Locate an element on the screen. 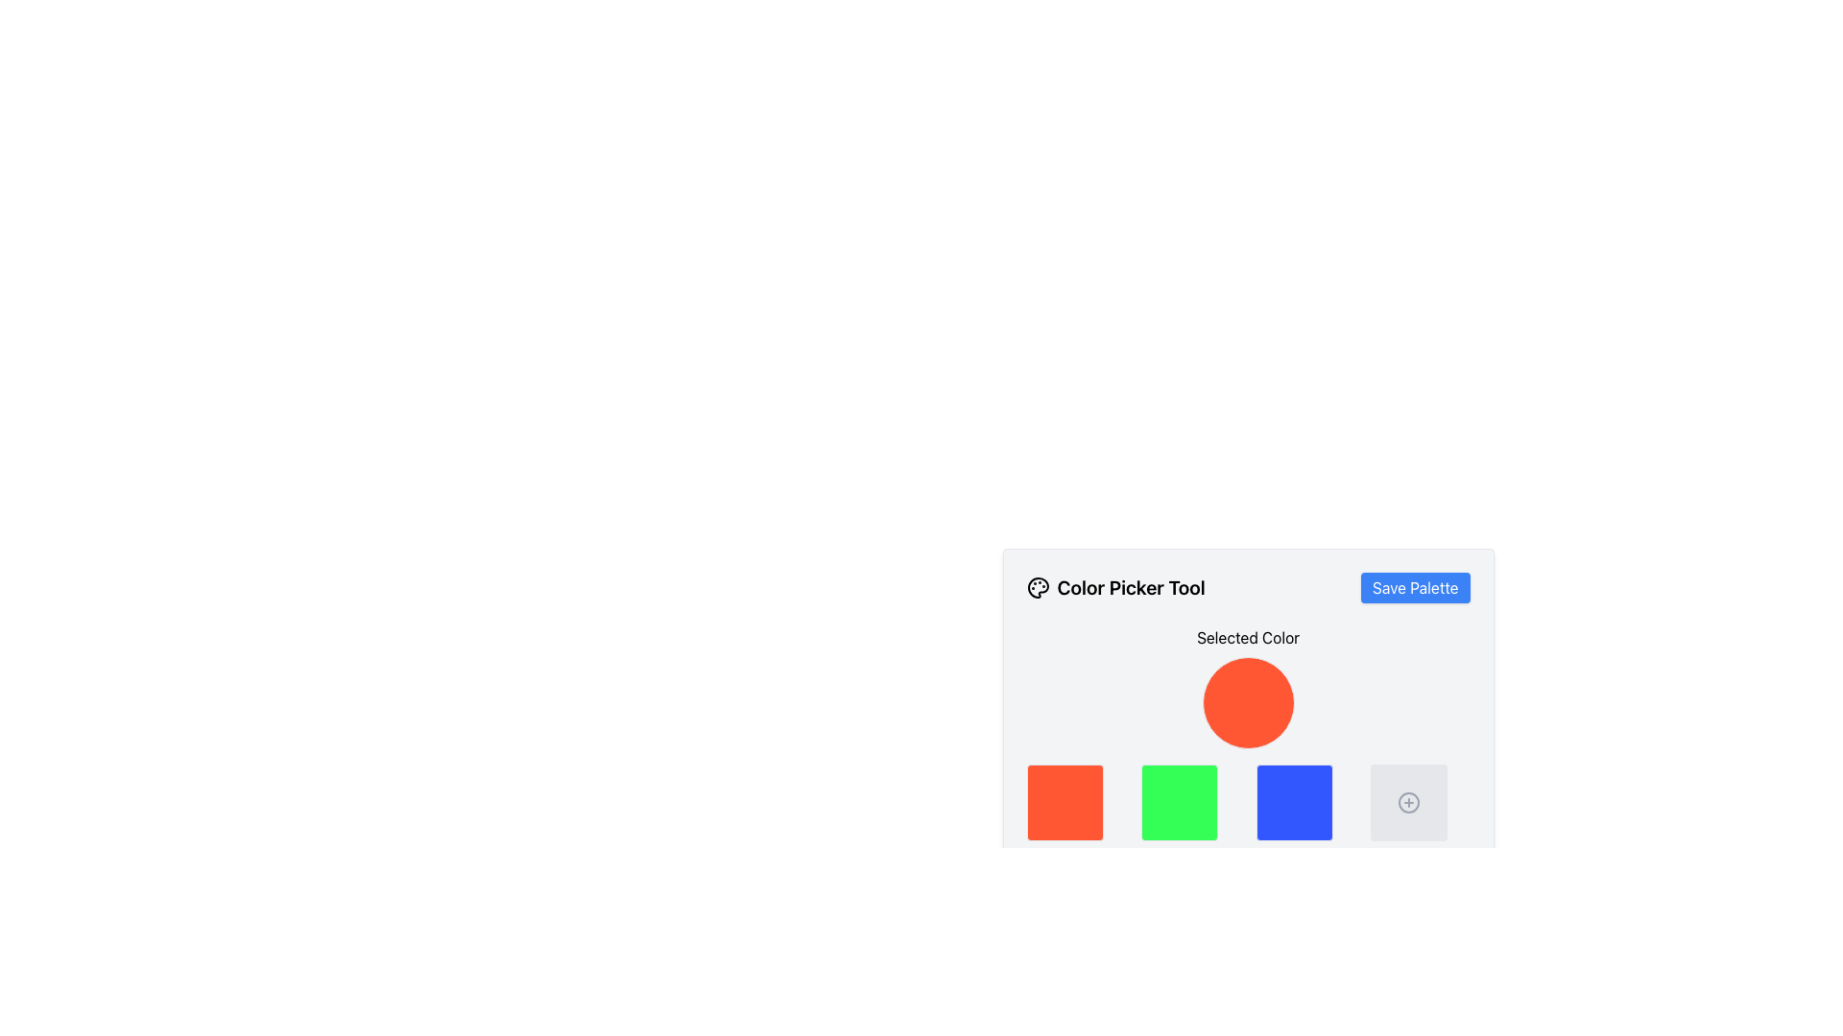 The width and height of the screenshot is (1843, 1036). the first selectable color square in the color picker tool is located at coordinates (1064, 803).